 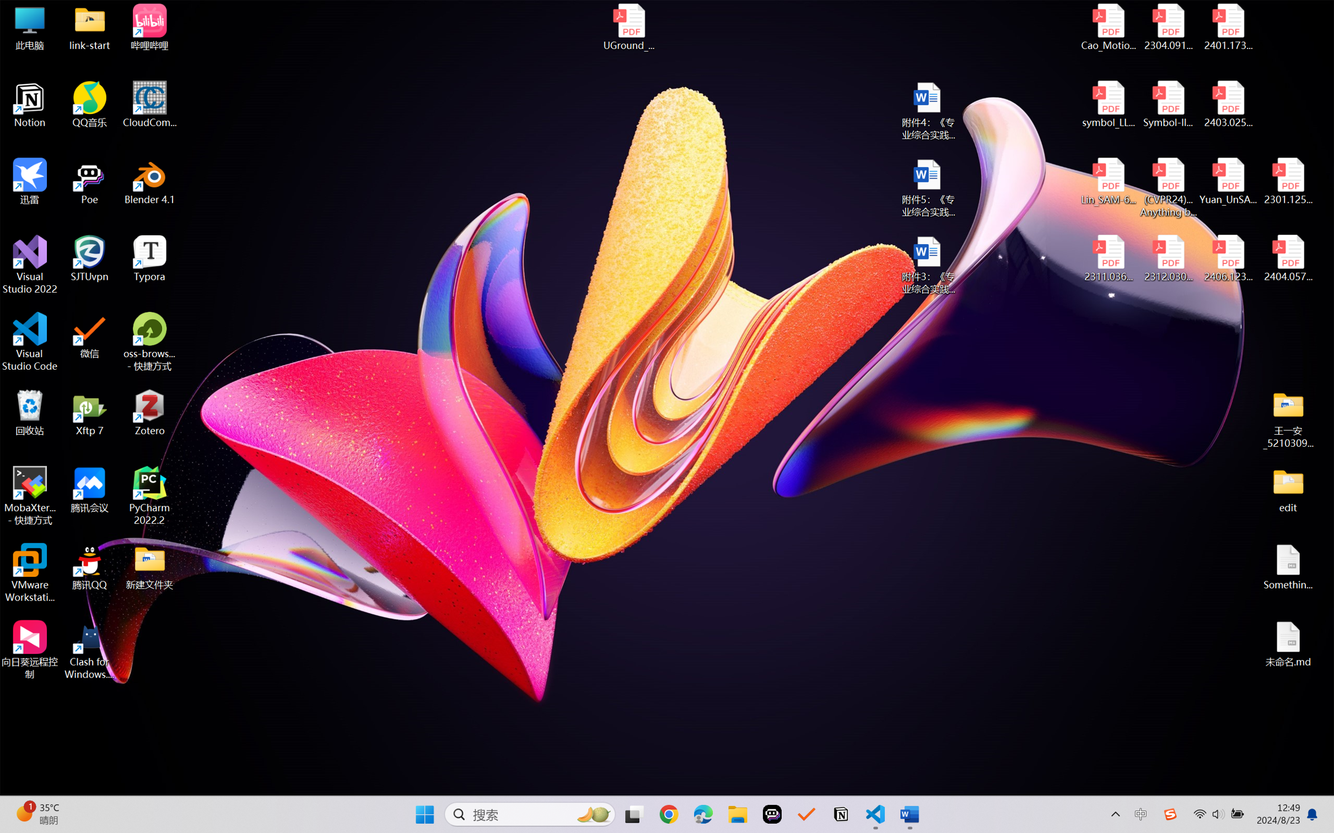 What do you see at coordinates (1109, 105) in the screenshot?
I see `'symbol_LLM.pdf'` at bounding box center [1109, 105].